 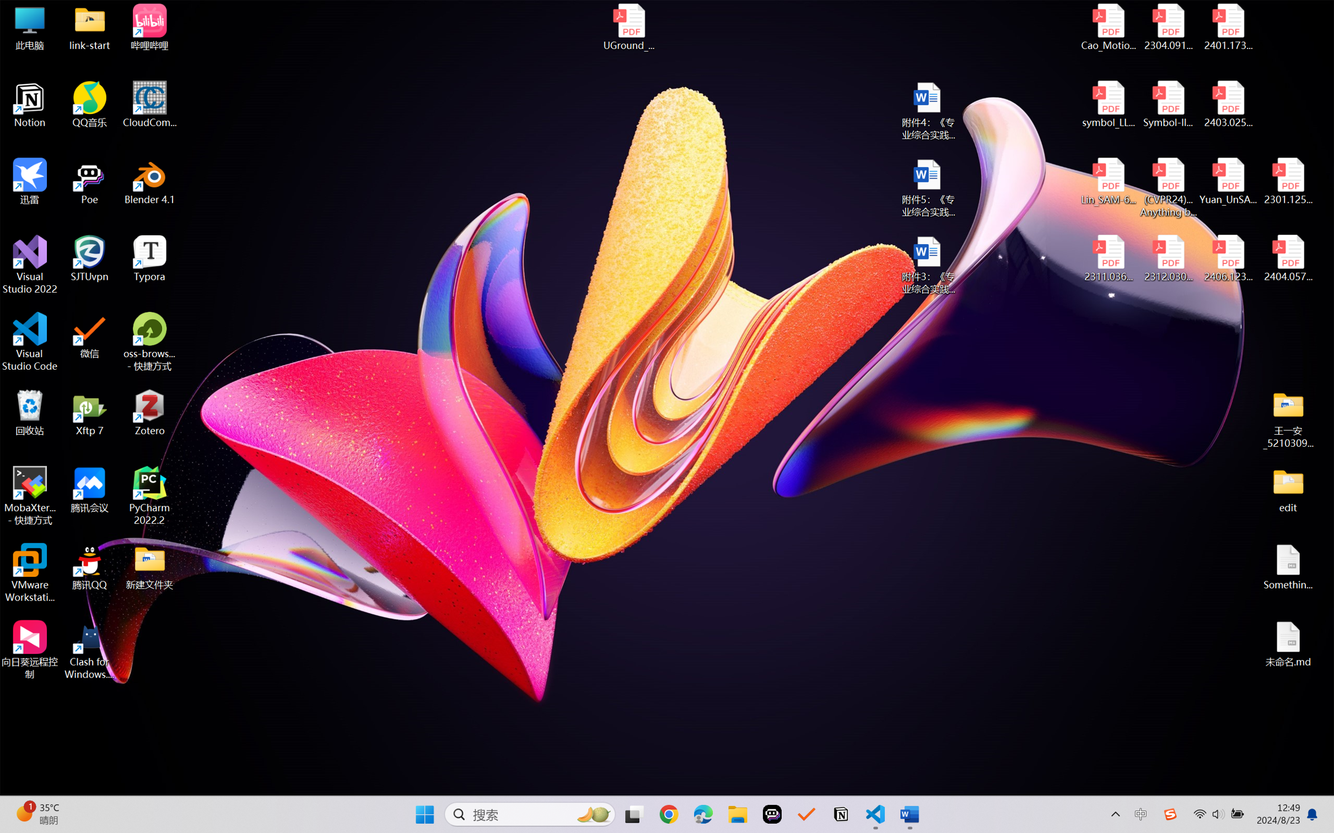 What do you see at coordinates (1109, 105) in the screenshot?
I see `'symbol_LLM.pdf'` at bounding box center [1109, 105].